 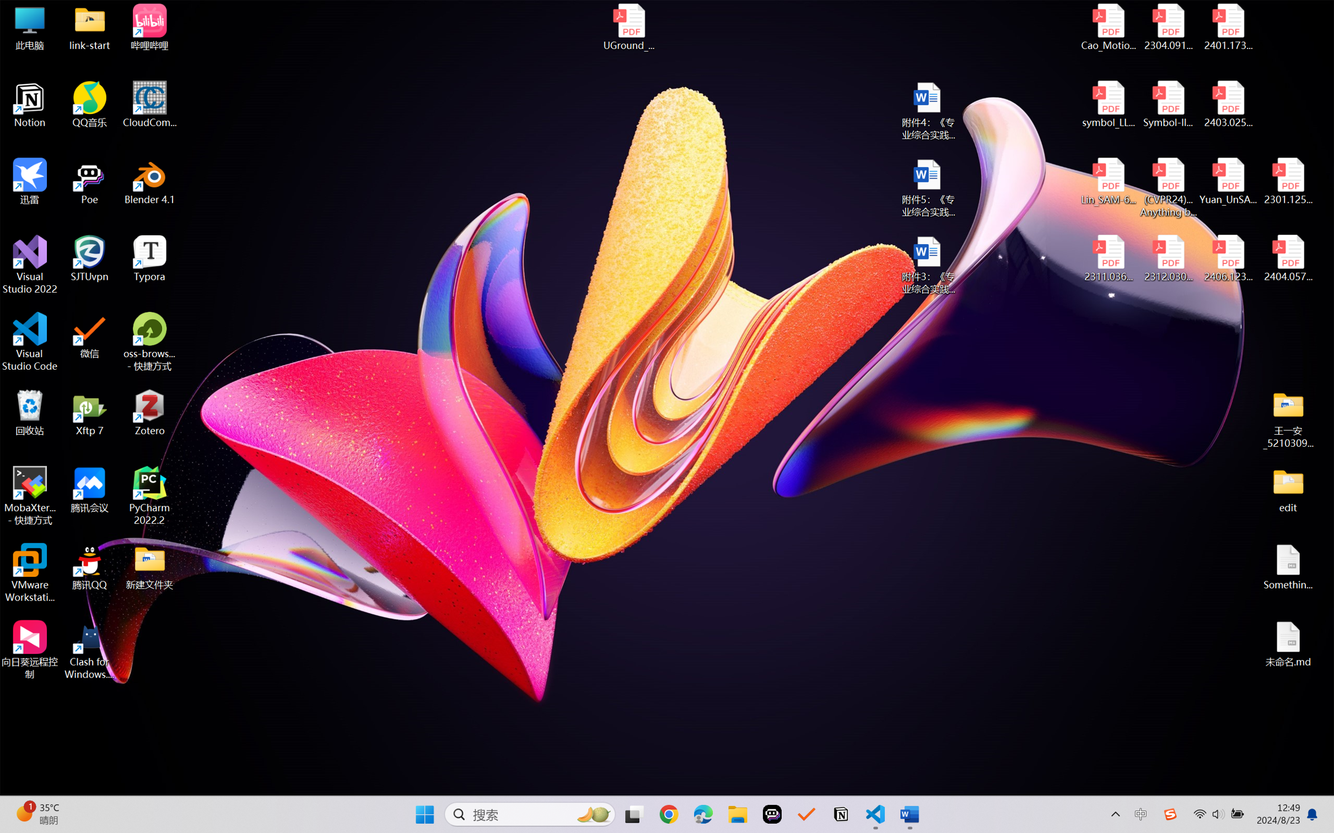 What do you see at coordinates (1109, 105) in the screenshot?
I see `'symbol_LLM.pdf'` at bounding box center [1109, 105].